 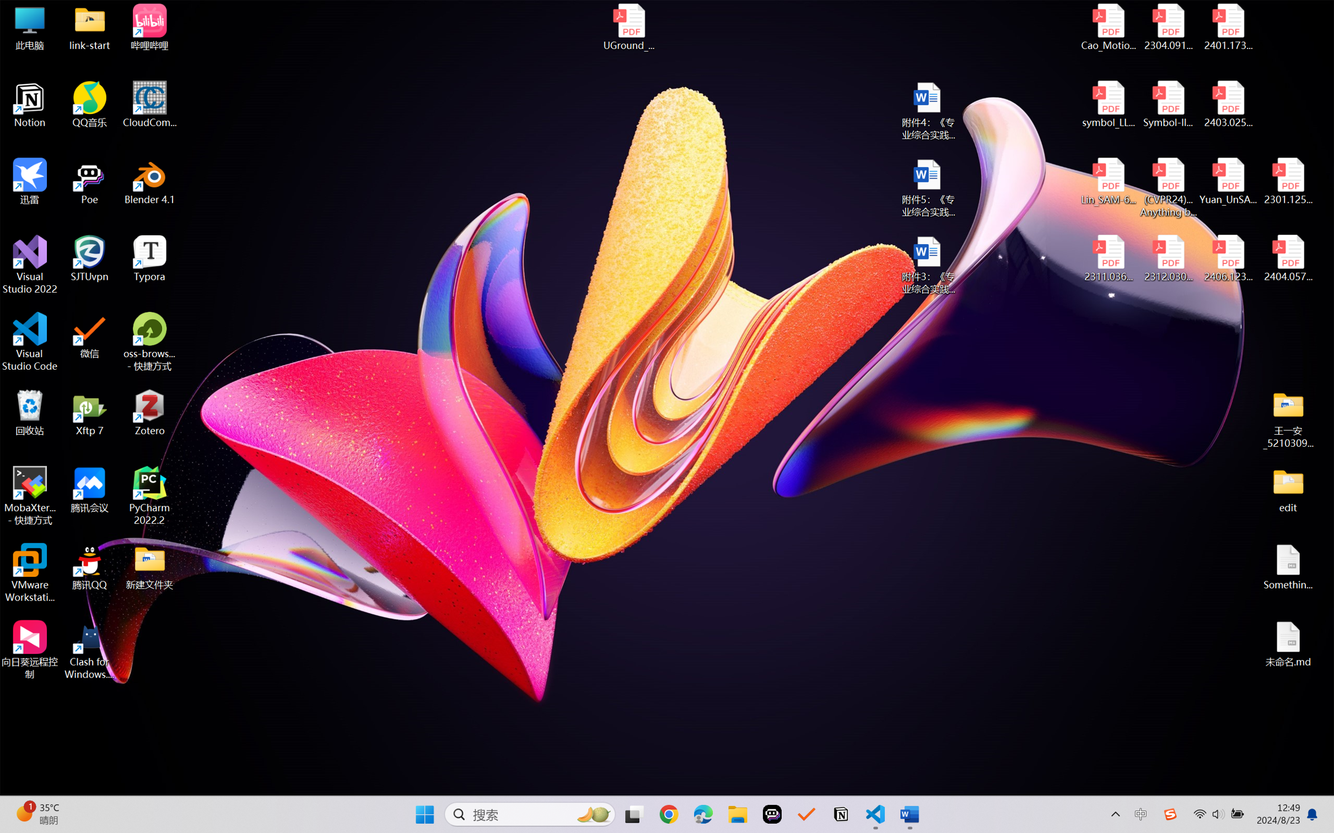 What do you see at coordinates (1109, 105) in the screenshot?
I see `'symbol_LLM.pdf'` at bounding box center [1109, 105].